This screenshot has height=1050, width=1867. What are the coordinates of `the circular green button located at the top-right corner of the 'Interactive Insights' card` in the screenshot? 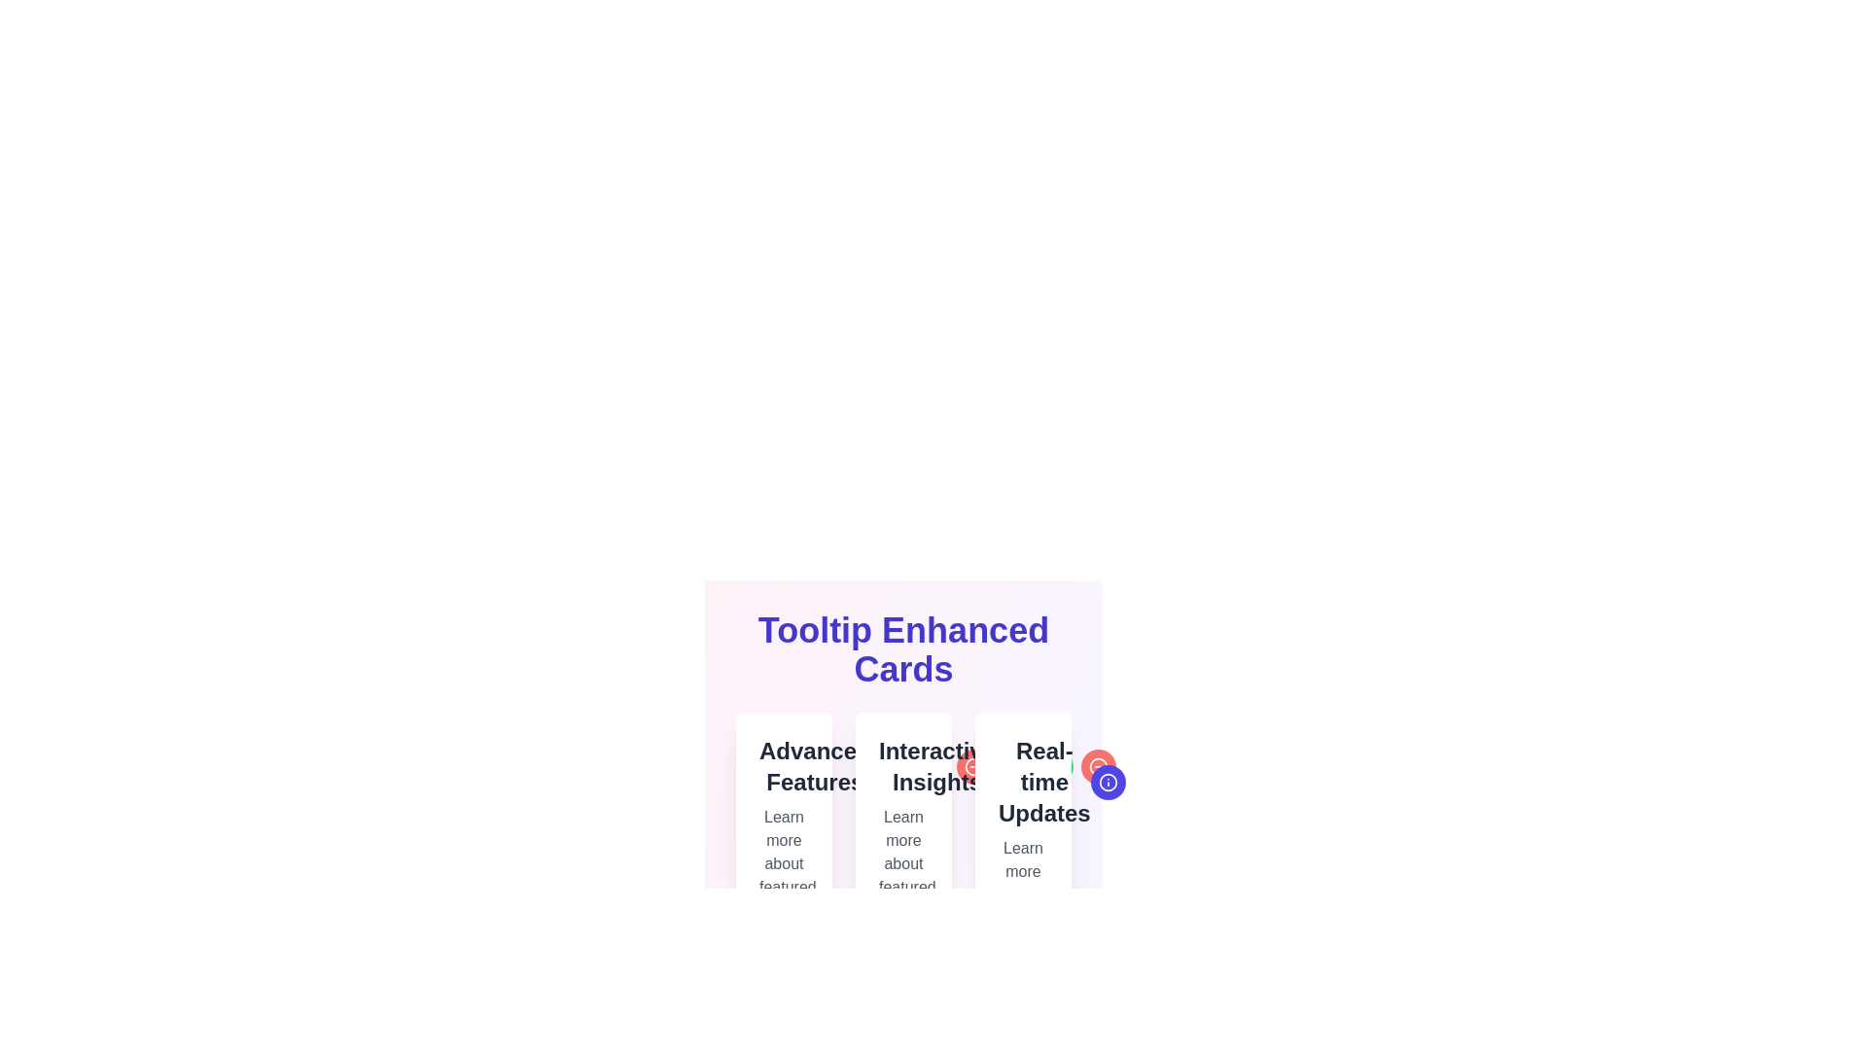 It's located at (930, 766).